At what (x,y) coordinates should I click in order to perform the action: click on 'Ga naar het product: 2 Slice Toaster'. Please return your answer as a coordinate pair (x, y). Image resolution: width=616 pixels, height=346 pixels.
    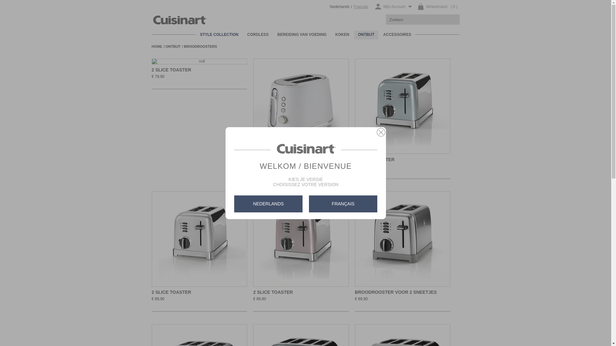
    Looking at the image, I should click on (151, 239).